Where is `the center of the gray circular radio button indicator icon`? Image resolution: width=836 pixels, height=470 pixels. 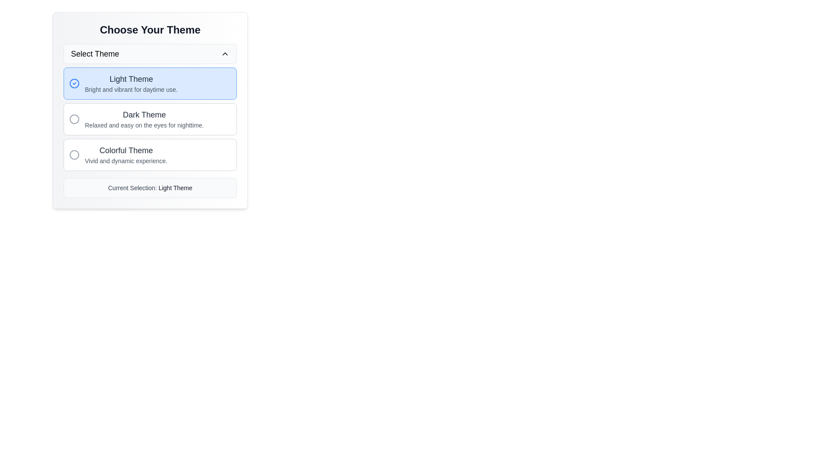 the center of the gray circular radio button indicator icon is located at coordinates (74, 119).